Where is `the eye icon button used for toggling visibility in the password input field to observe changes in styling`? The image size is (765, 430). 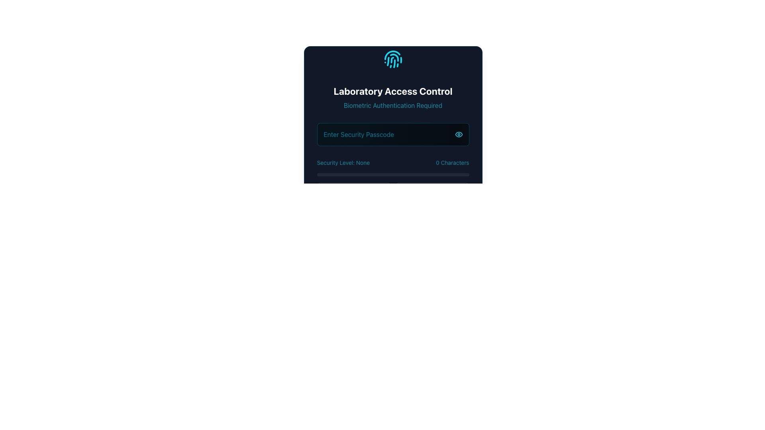
the eye icon button used for toggling visibility in the password input field to observe changes in styling is located at coordinates (459, 134).